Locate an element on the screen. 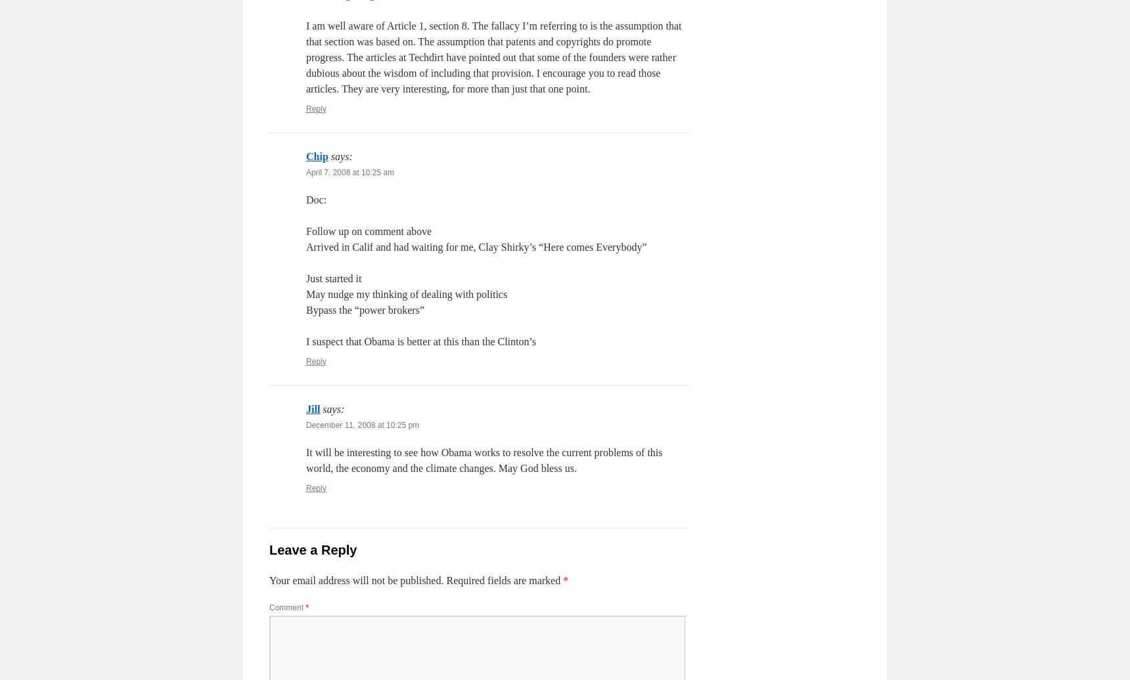 The image size is (1130, 680). 'I am well aware of Article 1, section 8.  The fallacy I’m referring to is the assumption that that section was based on.  The assumption that patents and copyrights do promote progress.  The articles at Techdirt have pointed out that some of the founders were rather dubious about the wisdom of including that provision.  I encourage you to read those articles.  They are very interesting, for more than just that one point.' is located at coordinates (493, 56).